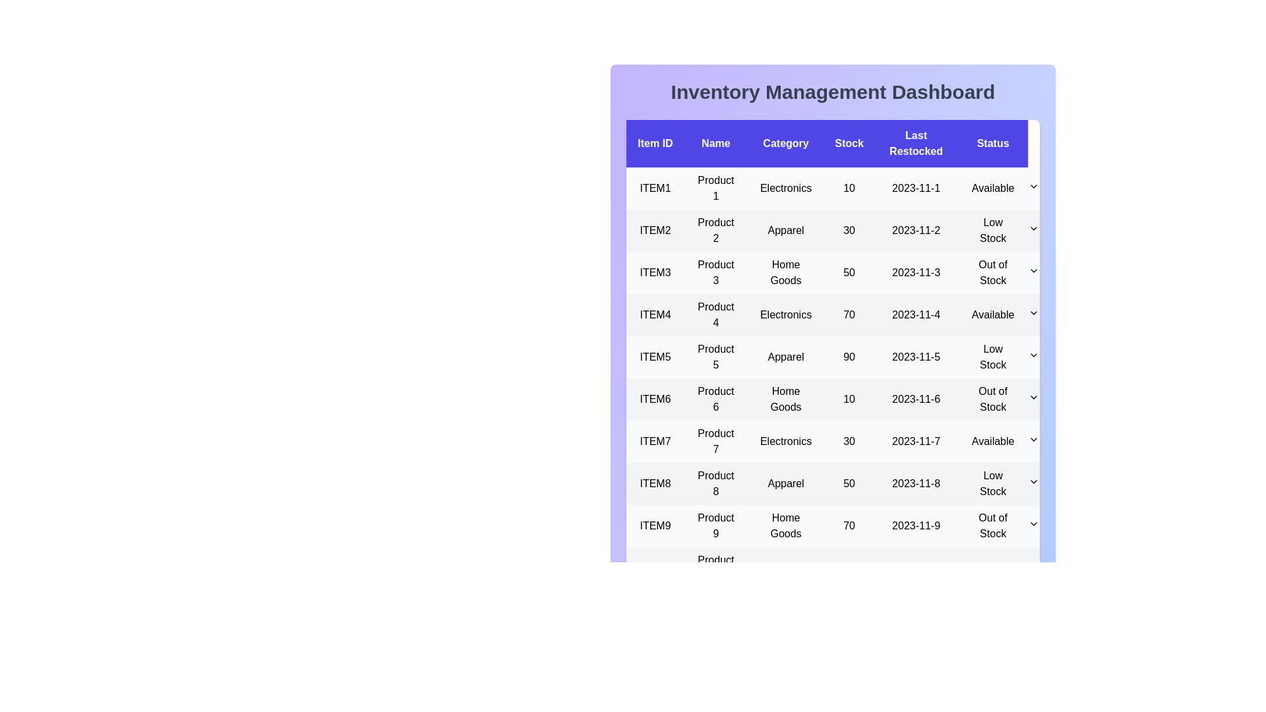 The width and height of the screenshot is (1266, 712). Describe the element at coordinates (993, 144) in the screenshot. I see `the column header Status to sort the data by that column` at that location.